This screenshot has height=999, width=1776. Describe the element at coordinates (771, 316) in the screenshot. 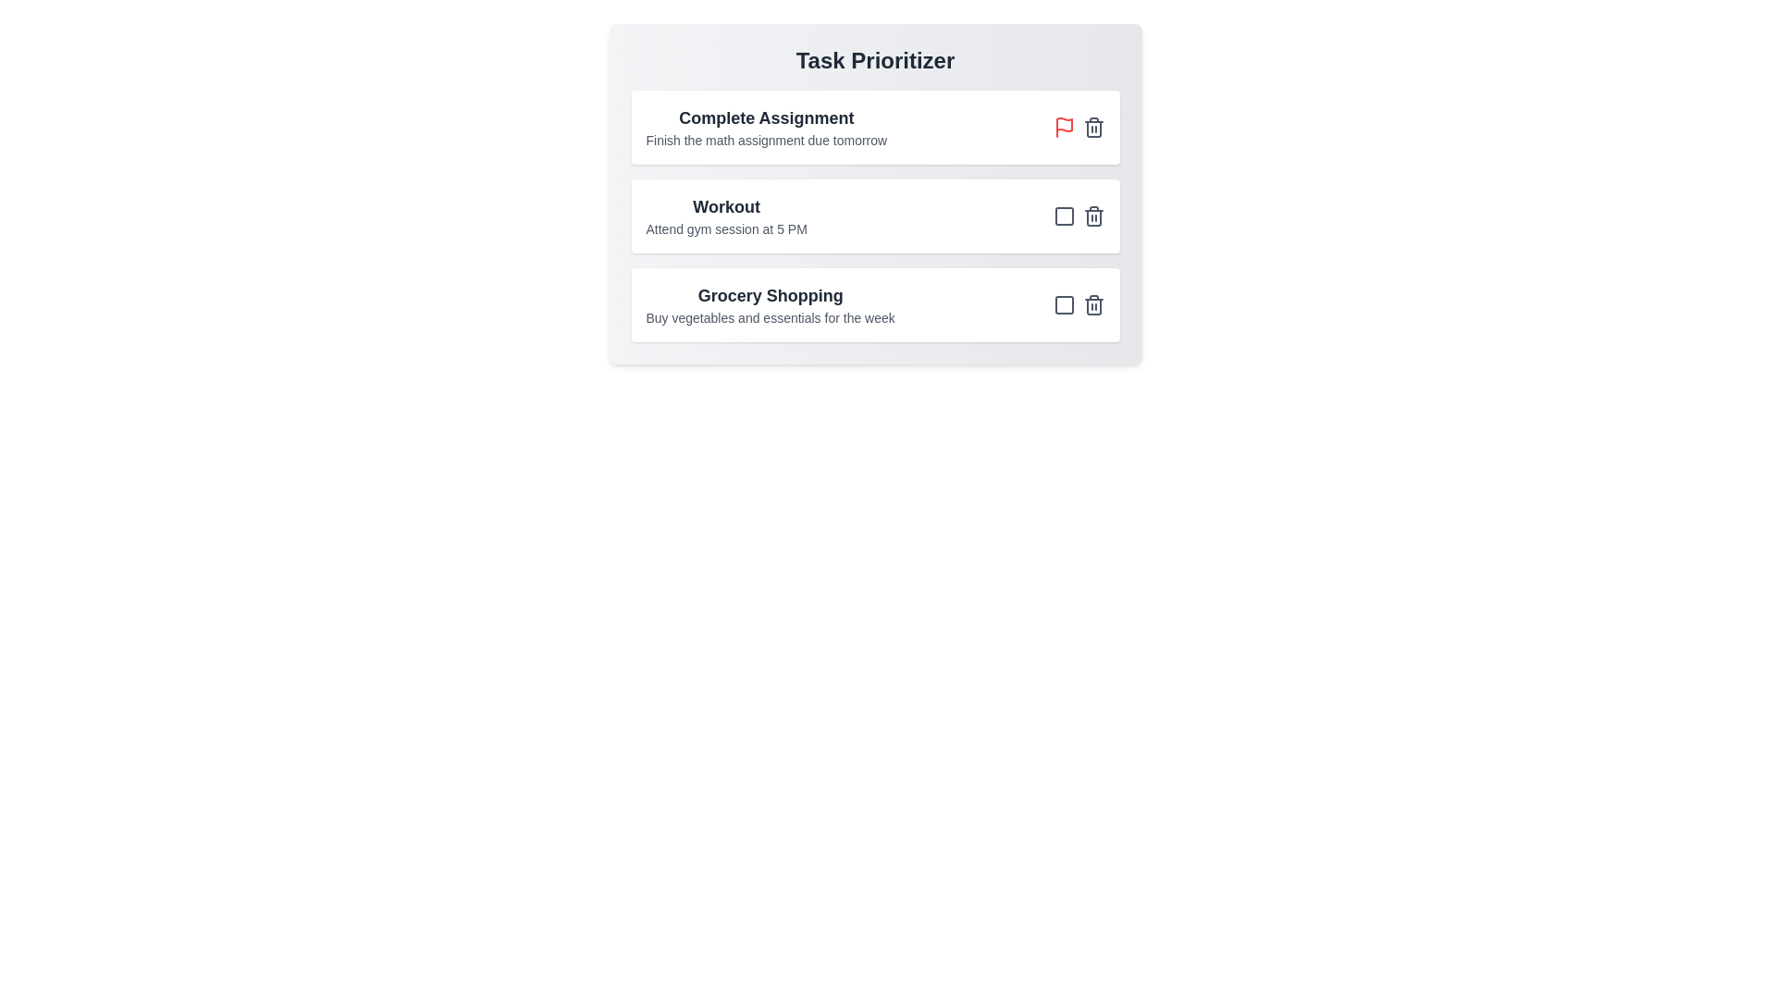

I see `the task description text for Grocery Shopping` at that location.